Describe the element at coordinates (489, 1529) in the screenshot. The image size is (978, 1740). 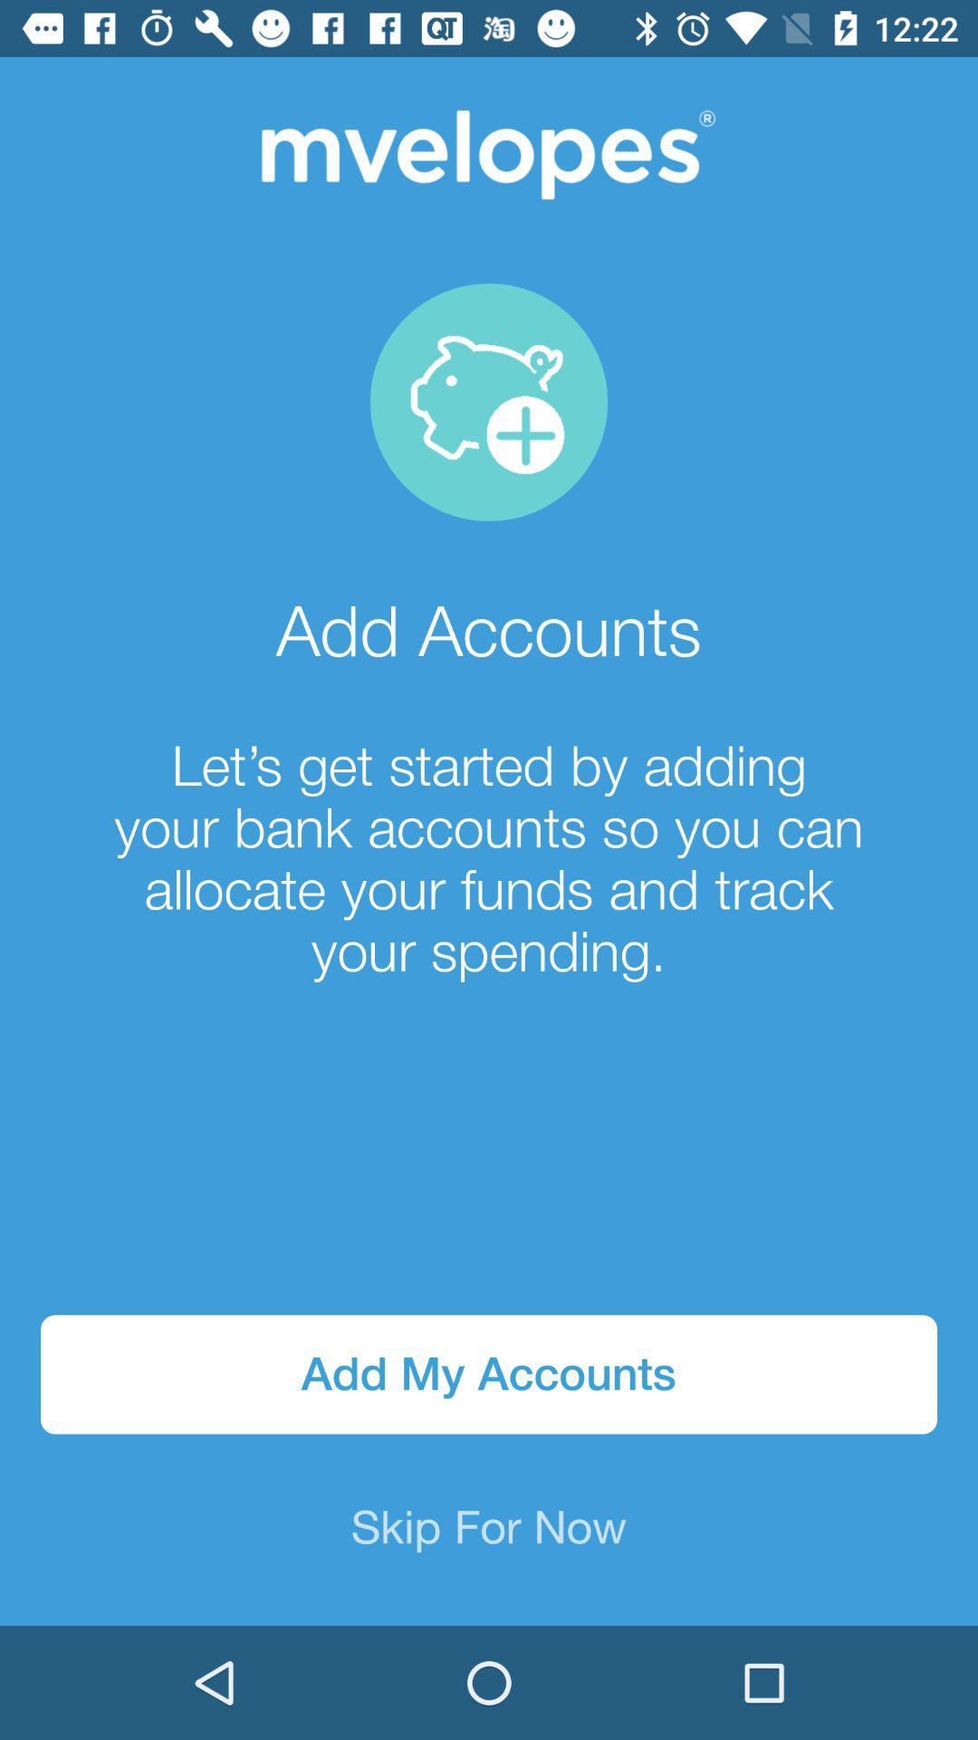
I see `skip for now item` at that location.